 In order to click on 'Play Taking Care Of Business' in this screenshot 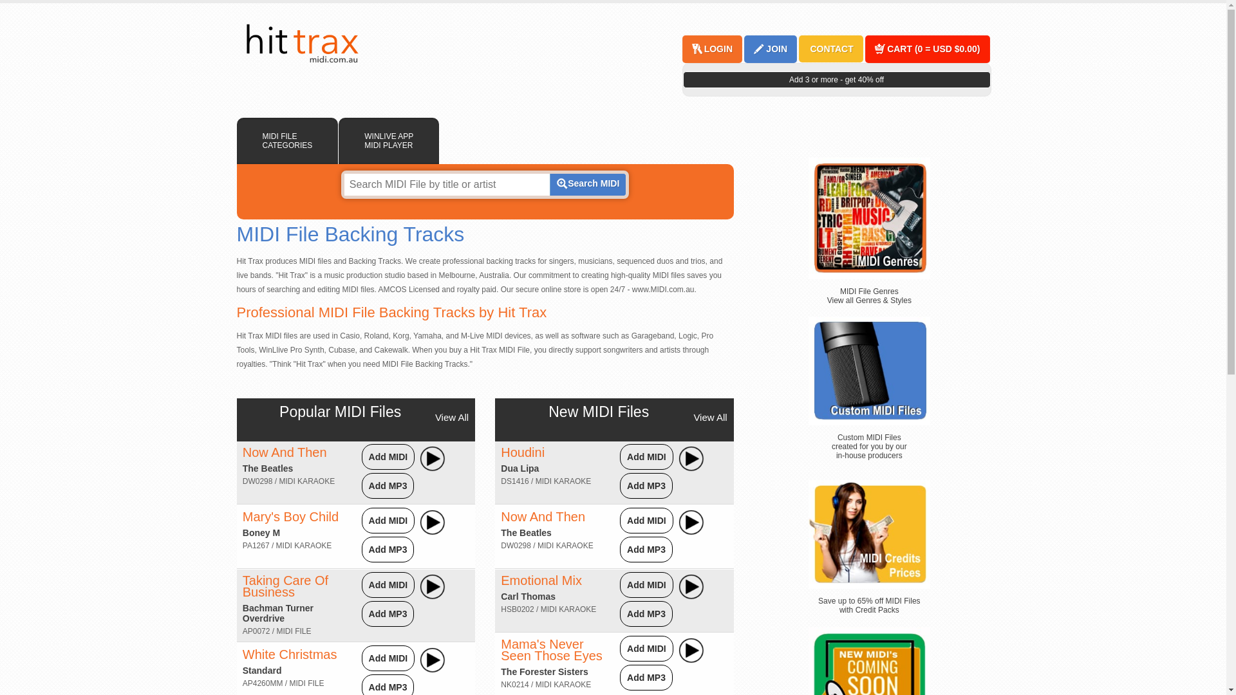, I will do `click(433, 586)`.